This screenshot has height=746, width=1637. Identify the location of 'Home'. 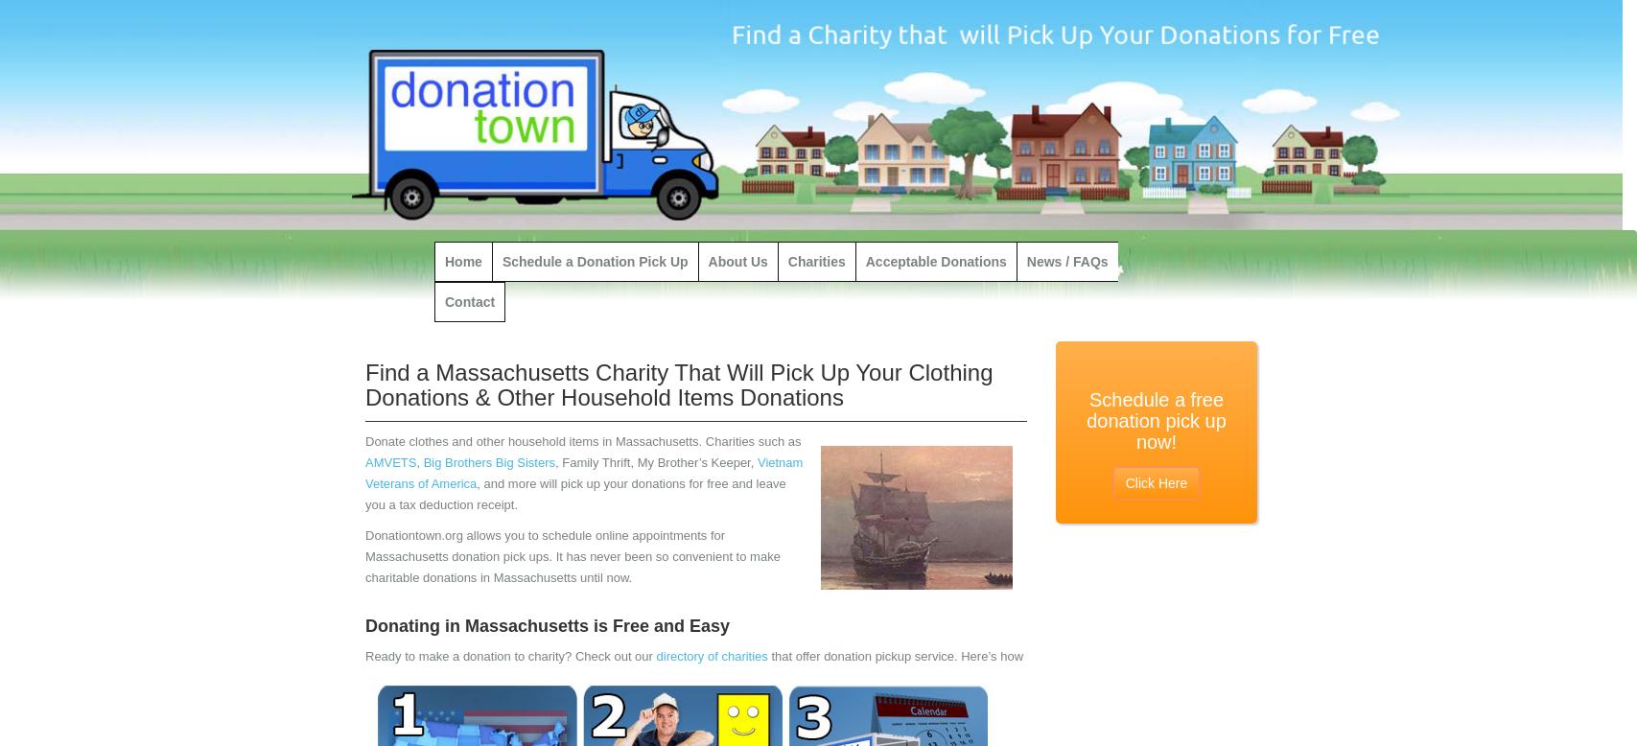
(463, 262).